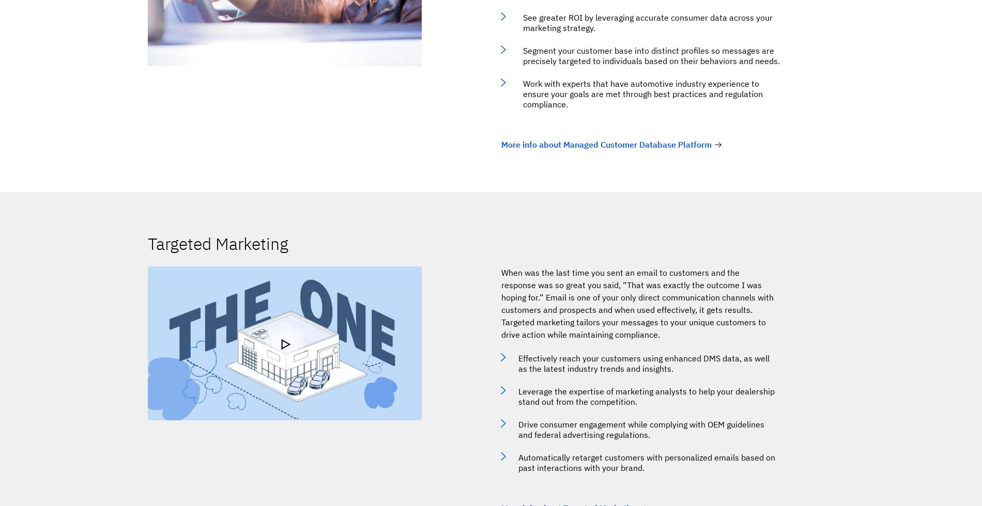 The width and height of the screenshot is (982, 506). Describe the element at coordinates (606, 144) in the screenshot. I see `'More info about Managed Customer Database Platform'` at that location.